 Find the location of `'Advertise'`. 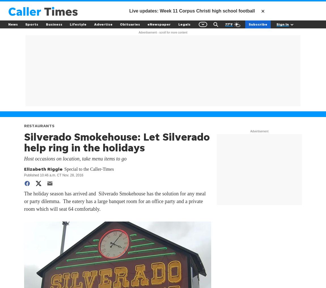

'Advertise' is located at coordinates (94, 24).